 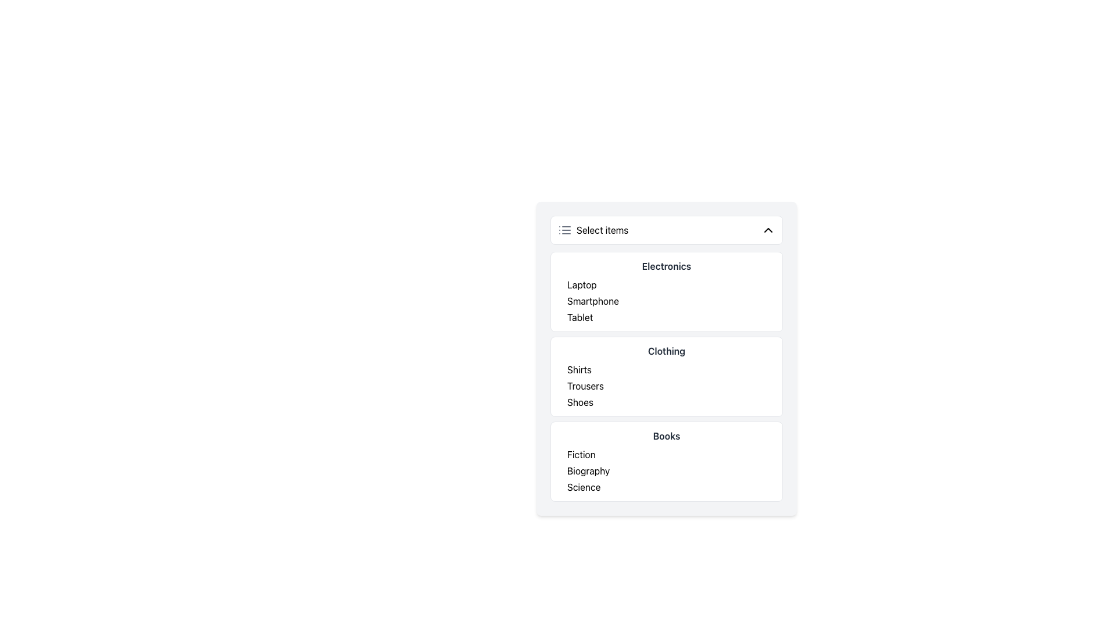 What do you see at coordinates (667, 386) in the screenshot?
I see `the selectable item in the 'Clothing' section of the dropdown menu` at bounding box center [667, 386].